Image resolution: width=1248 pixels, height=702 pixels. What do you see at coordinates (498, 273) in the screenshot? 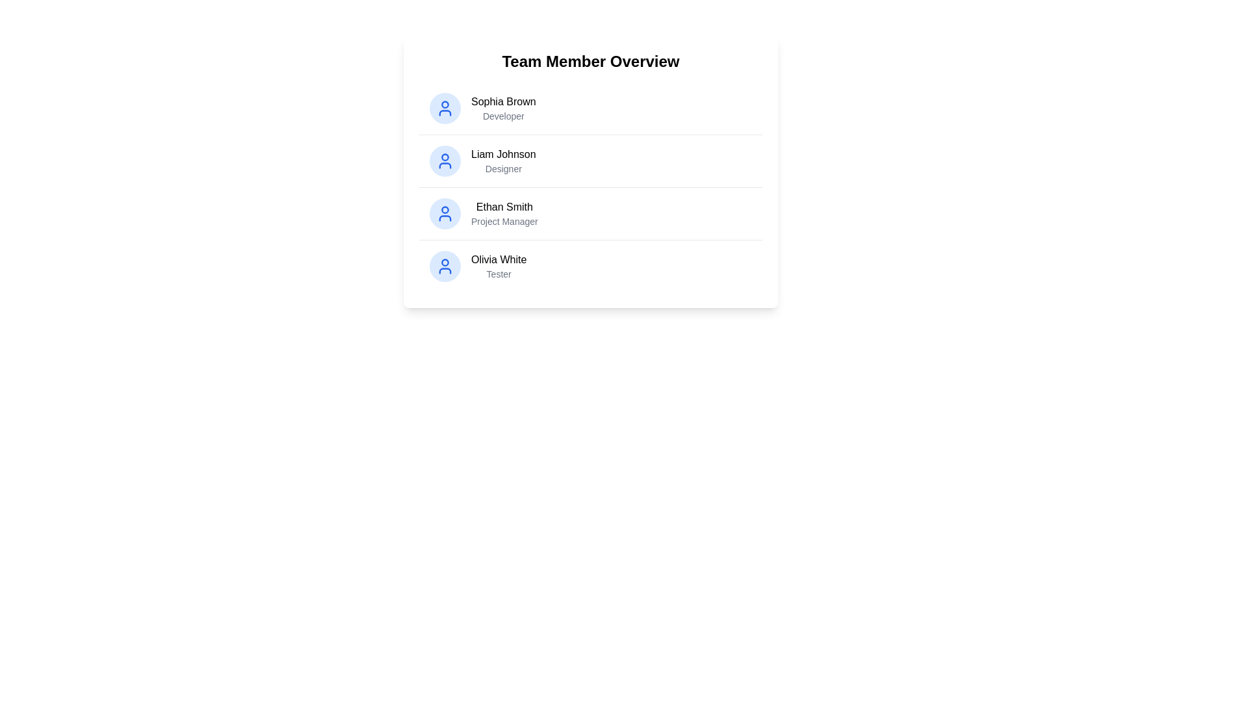
I see `displayed text of the label indicating the role or description of 'Olivia White', located at the bottom of her card, centered below her name` at bounding box center [498, 273].